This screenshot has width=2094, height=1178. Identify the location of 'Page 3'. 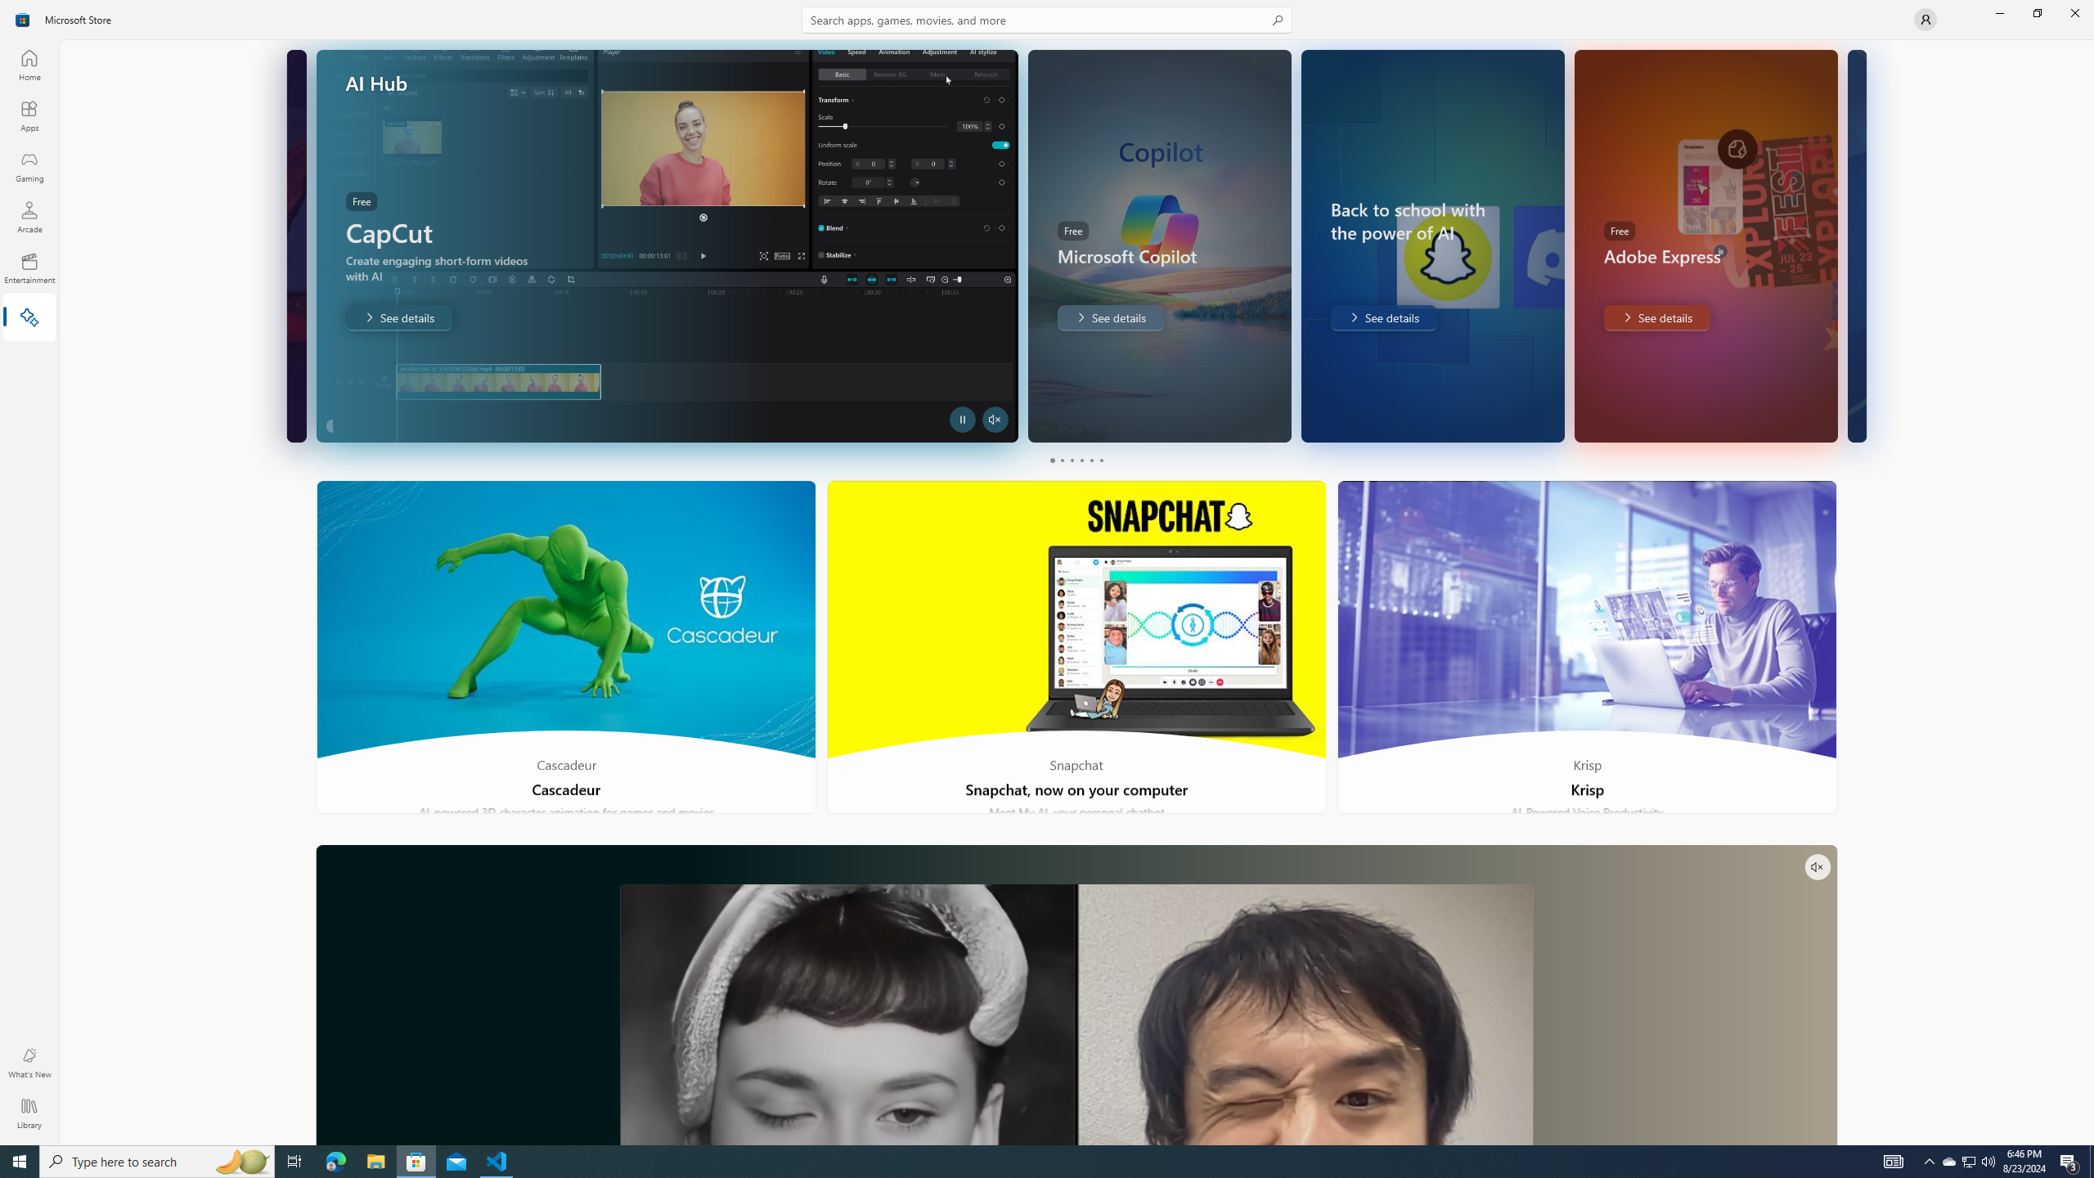
(1070, 460).